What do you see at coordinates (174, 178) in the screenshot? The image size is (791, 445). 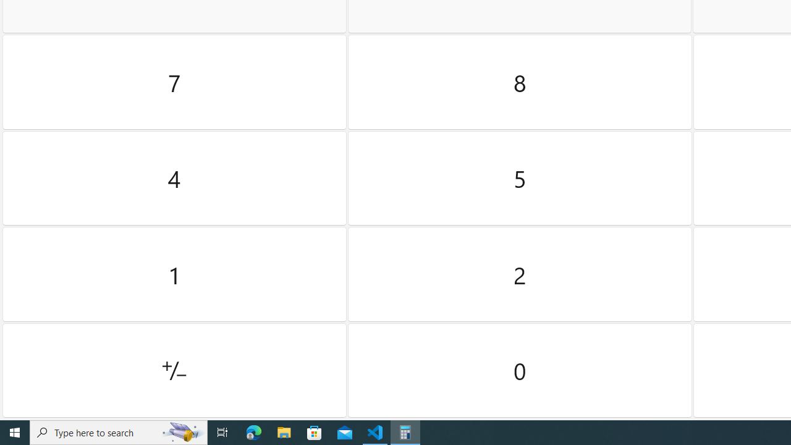 I see `'Four'` at bounding box center [174, 178].